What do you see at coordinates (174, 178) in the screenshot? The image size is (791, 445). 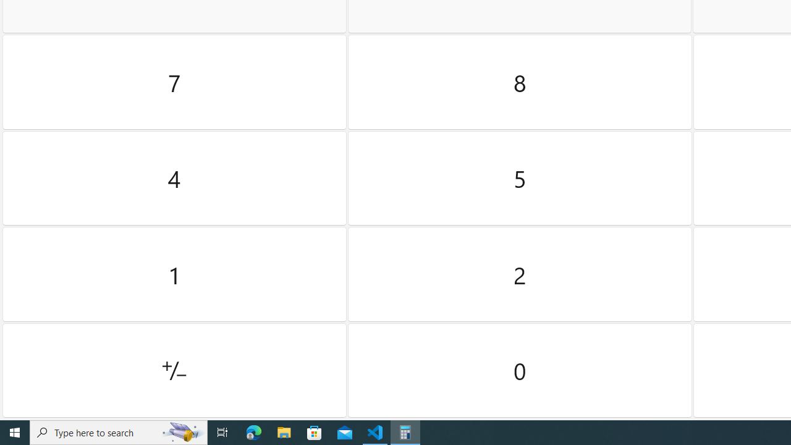 I see `'Four'` at bounding box center [174, 178].